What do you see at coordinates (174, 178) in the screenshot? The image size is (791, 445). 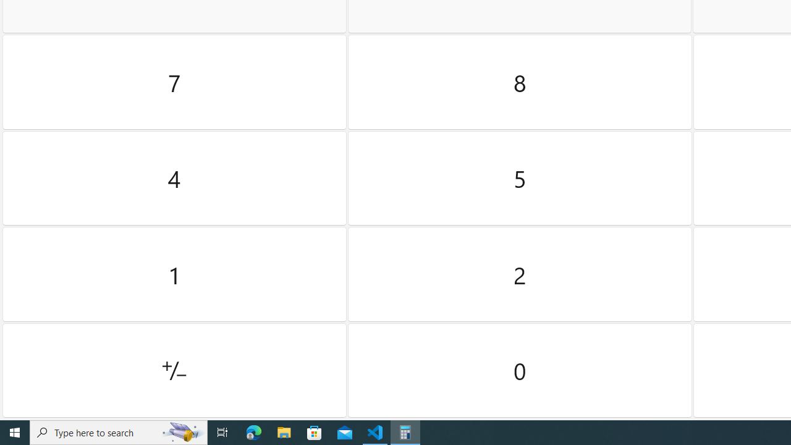 I see `'Four'` at bounding box center [174, 178].